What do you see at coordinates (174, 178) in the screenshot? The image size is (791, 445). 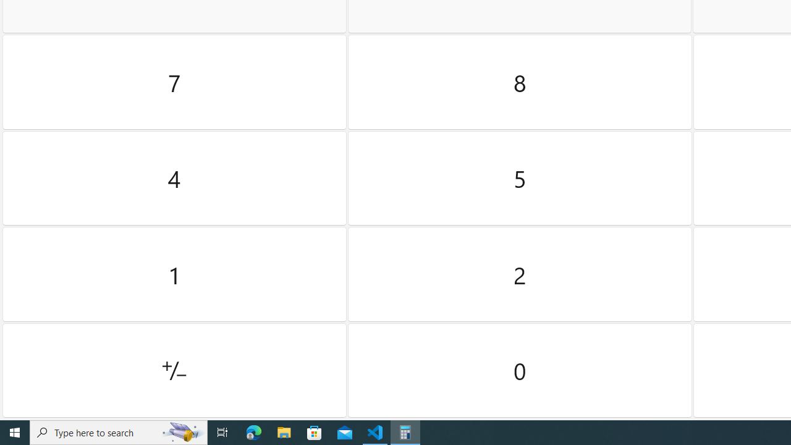 I see `'Four'` at bounding box center [174, 178].